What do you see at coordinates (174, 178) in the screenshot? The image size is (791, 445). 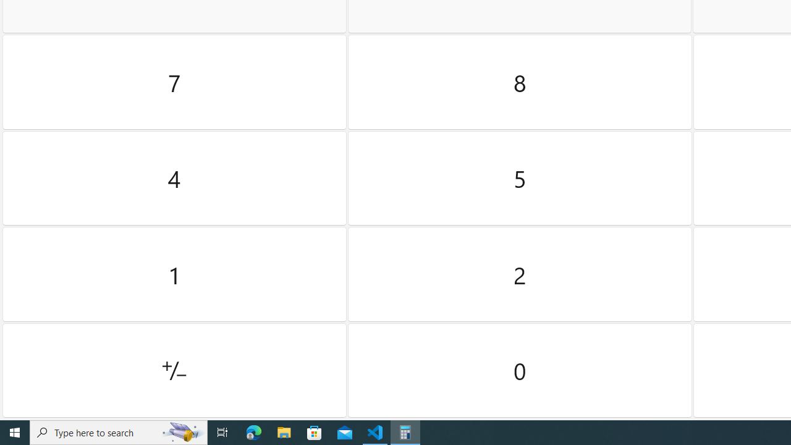 I see `'Four'` at bounding box center [174, 178].